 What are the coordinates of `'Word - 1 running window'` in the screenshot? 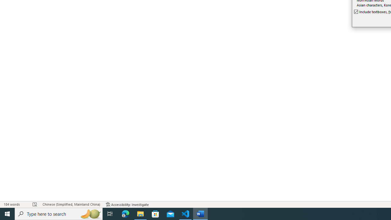 It's located at (200, 213).